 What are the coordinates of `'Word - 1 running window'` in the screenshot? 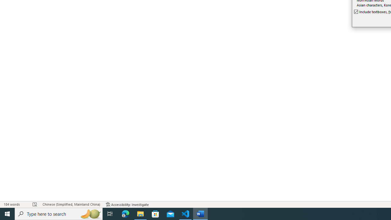 It's located at (200, 213).